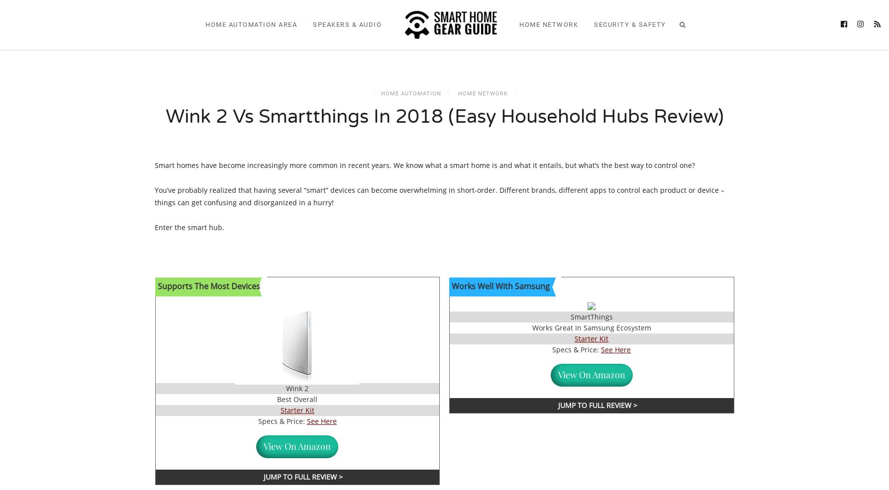 The width and height of the screenshot is (889, 490). I want to click on '​Works Well With Samsung', so click(500, 286).